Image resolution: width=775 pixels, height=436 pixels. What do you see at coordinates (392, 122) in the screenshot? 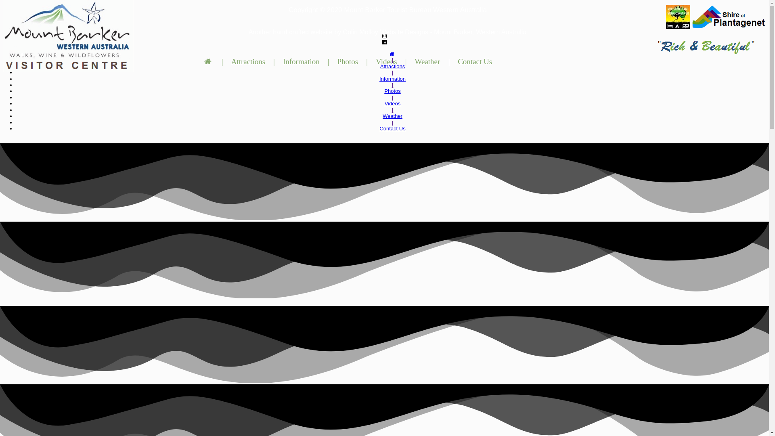
I see `'|'` at bounding box center [392, 122].